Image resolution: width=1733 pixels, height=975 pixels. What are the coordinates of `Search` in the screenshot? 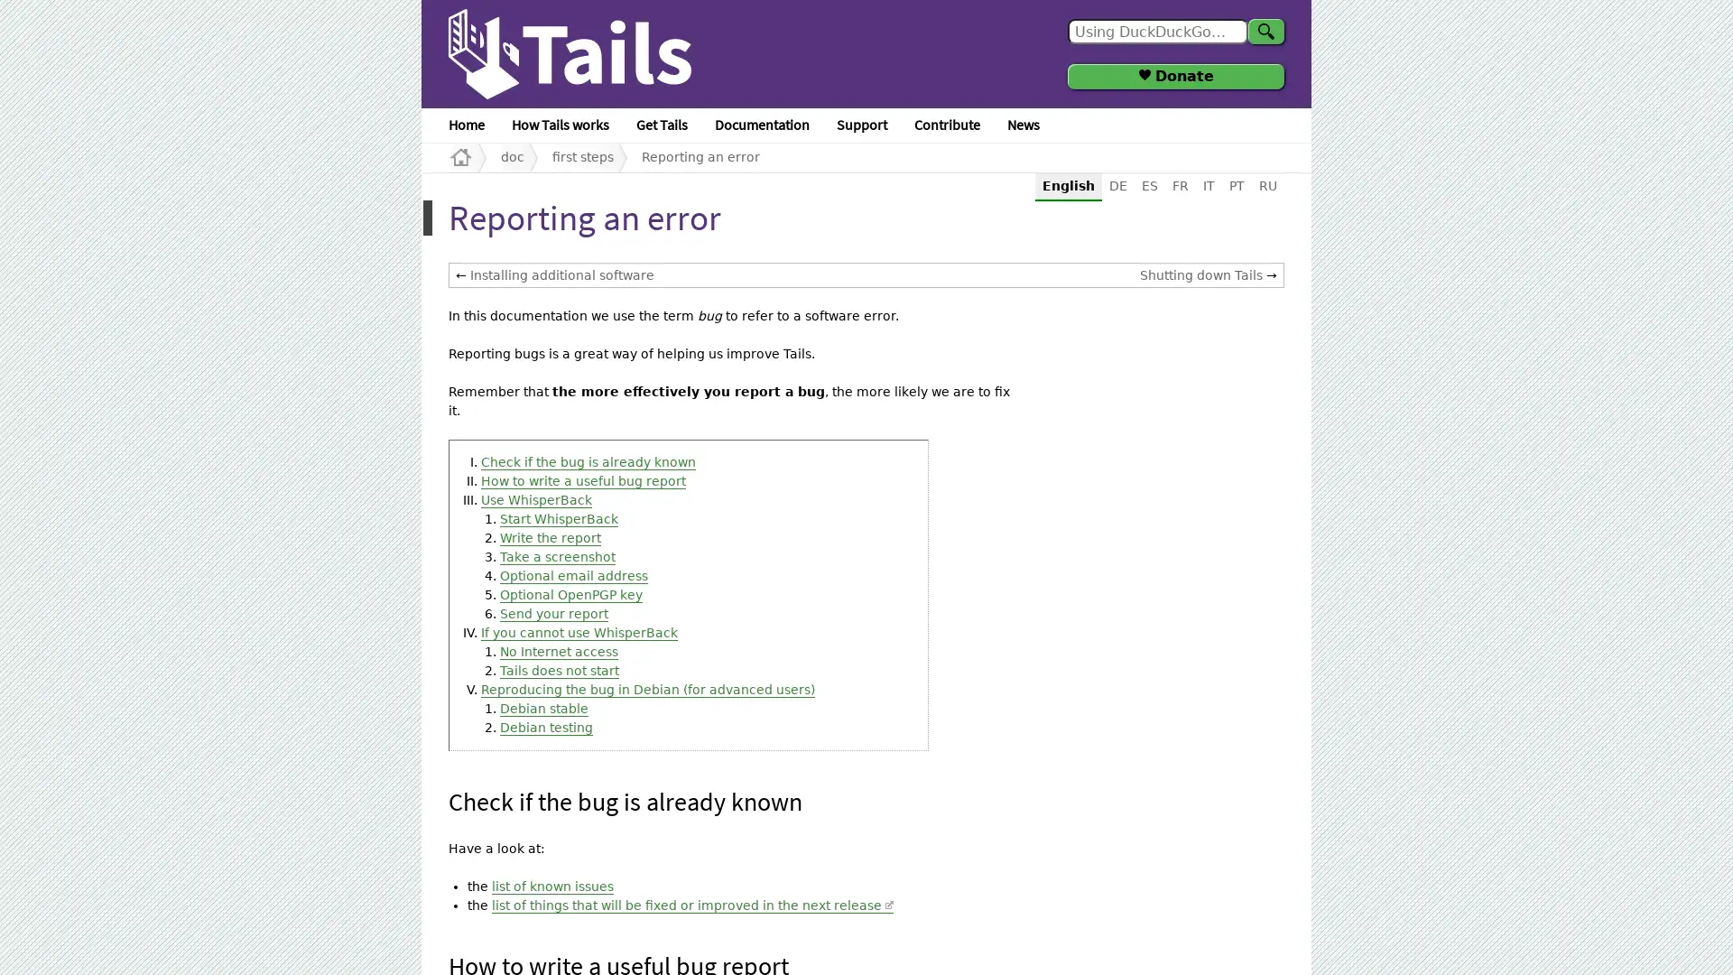 It's located at (1265, 31).